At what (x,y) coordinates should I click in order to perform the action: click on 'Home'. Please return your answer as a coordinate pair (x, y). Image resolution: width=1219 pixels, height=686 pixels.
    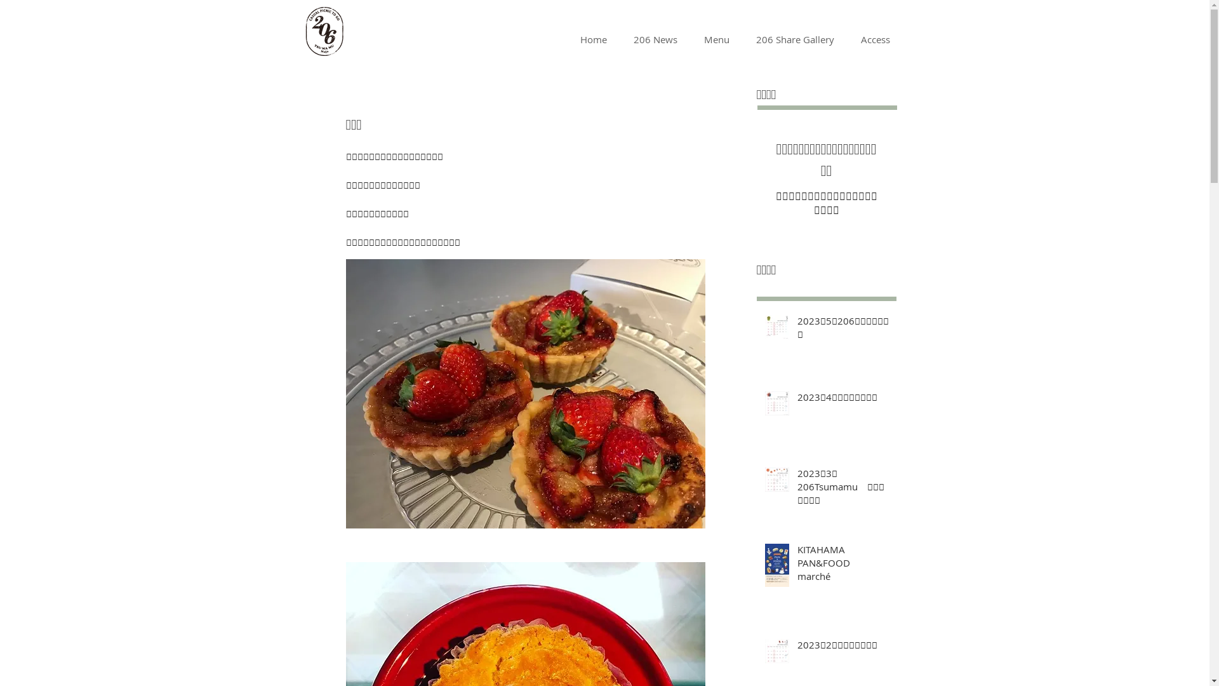
    Looking at the image, I should click on (592, 38).